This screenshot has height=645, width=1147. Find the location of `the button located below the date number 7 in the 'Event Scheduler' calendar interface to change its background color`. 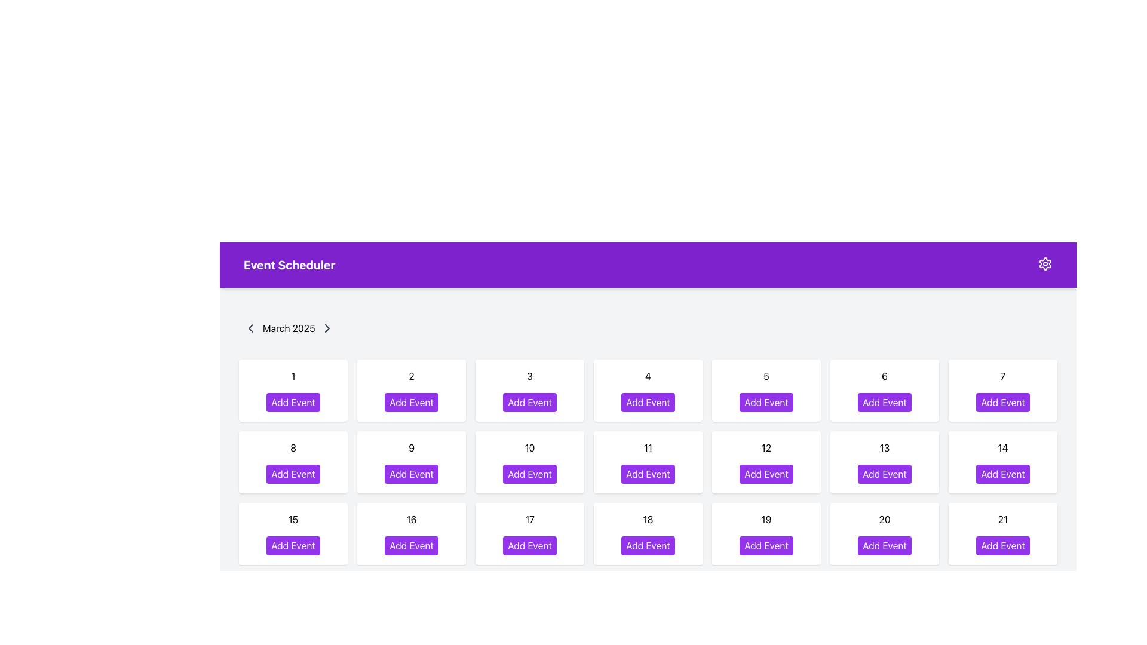

the button located below the date number 7 in the 'Event Scheduler' calendar interface to change its background color is located at coordinates (1003, 403).